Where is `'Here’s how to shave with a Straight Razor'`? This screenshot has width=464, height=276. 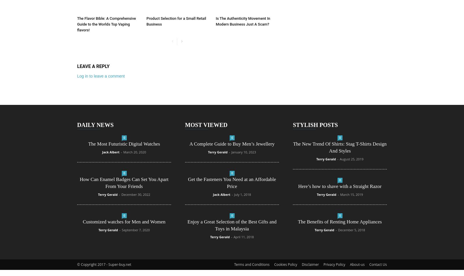 'Here’s how to shave with a Straight Razor' is located at coordinates (340, 186).